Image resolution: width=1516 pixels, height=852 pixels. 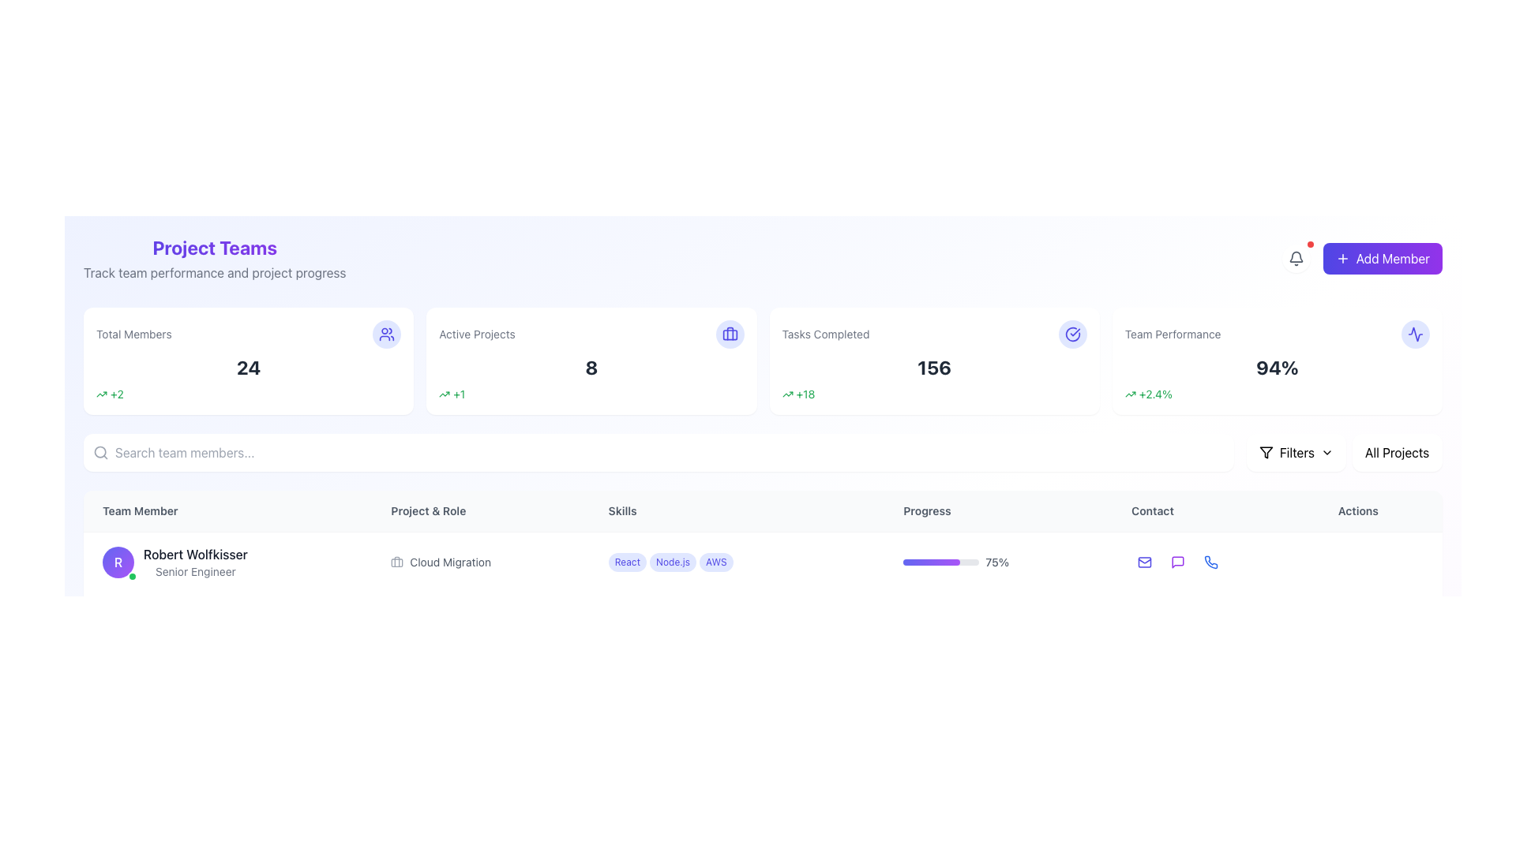 I want to click on the phone call button located in the 'Contact' column for 'Robert Wolfkisser' under the 'Team Member' section to initiate a phone call or reveal contact options, so click(x=1210, y=562).